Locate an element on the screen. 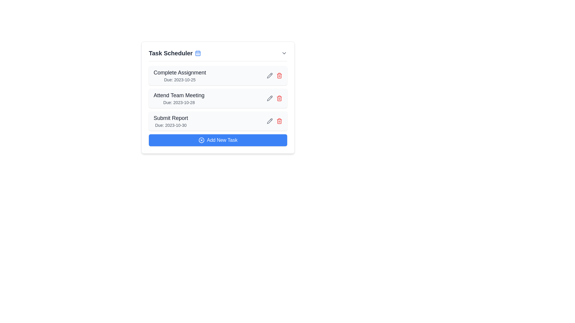 This screenshot has height=323, width=575. the circular icon with the 'X' symbol located within the blue button titled 'Add New Task', positioned to the left of the text label is located at coordinates (201, 140).